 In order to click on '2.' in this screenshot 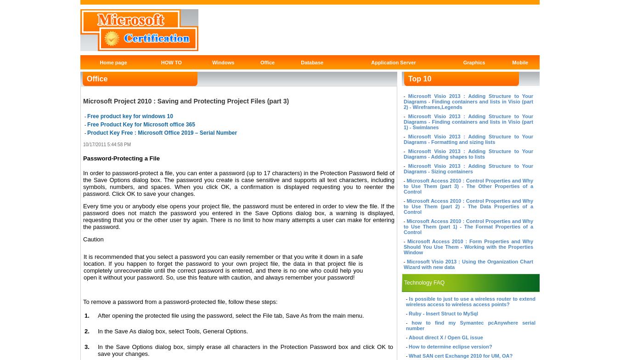, I will do `click(87, 331)`.